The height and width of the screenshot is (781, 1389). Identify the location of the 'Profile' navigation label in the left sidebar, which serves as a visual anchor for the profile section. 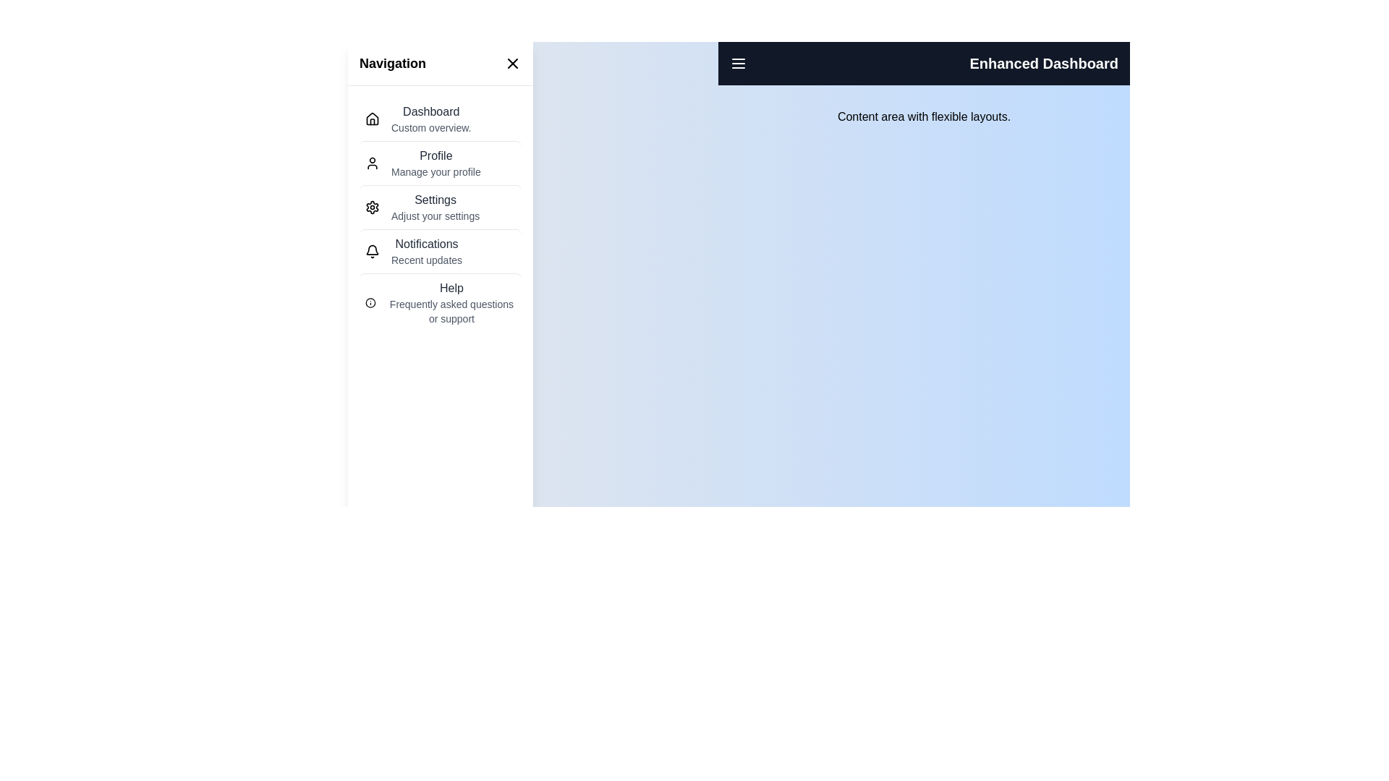
(435, 156).